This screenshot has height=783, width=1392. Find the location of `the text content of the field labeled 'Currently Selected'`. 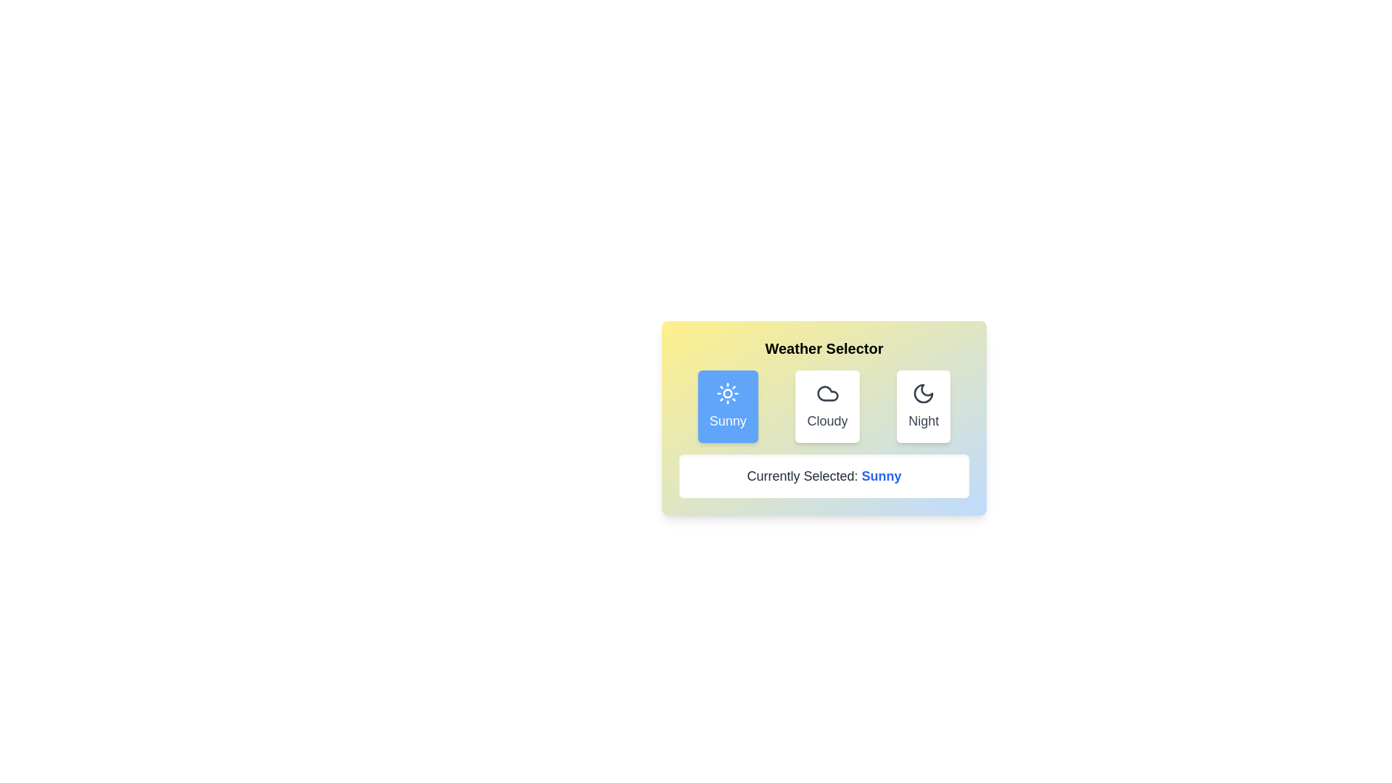

the text content of the field labeled 'Currently Selected' is located at coordinates (824, 476).